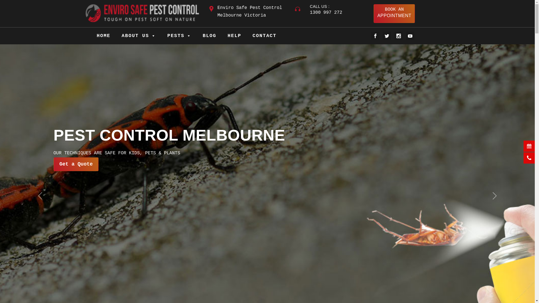 The width and height of the screenshot is (539, 303). What do you see at coordinates (139, 36) in the screenshot?
I see `'ABOUT US'` at bounding box center [139, 36].